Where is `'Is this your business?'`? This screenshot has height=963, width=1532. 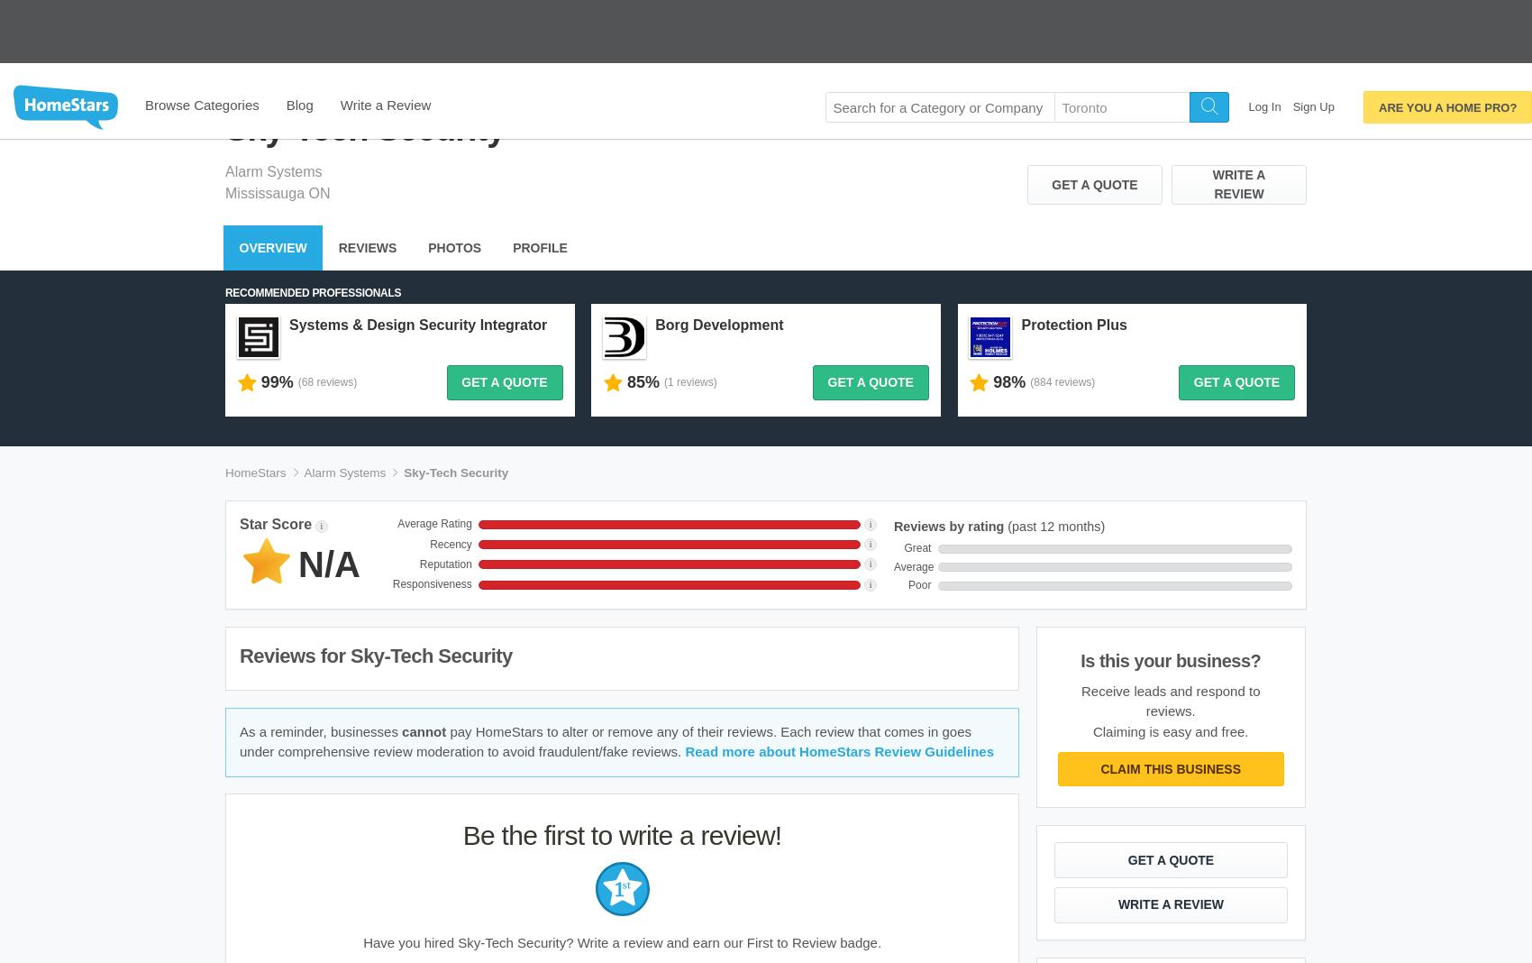 'Is this your business?' is located at coordinates (1080, 584).